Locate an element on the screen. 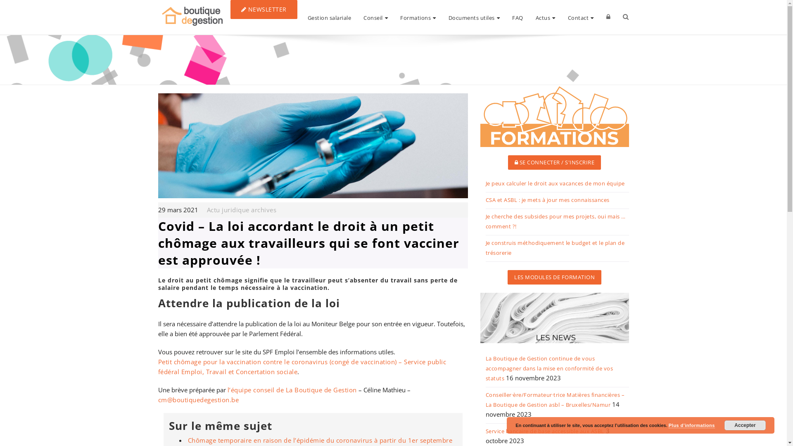  'Formations' is located at coordinates (418, 17).